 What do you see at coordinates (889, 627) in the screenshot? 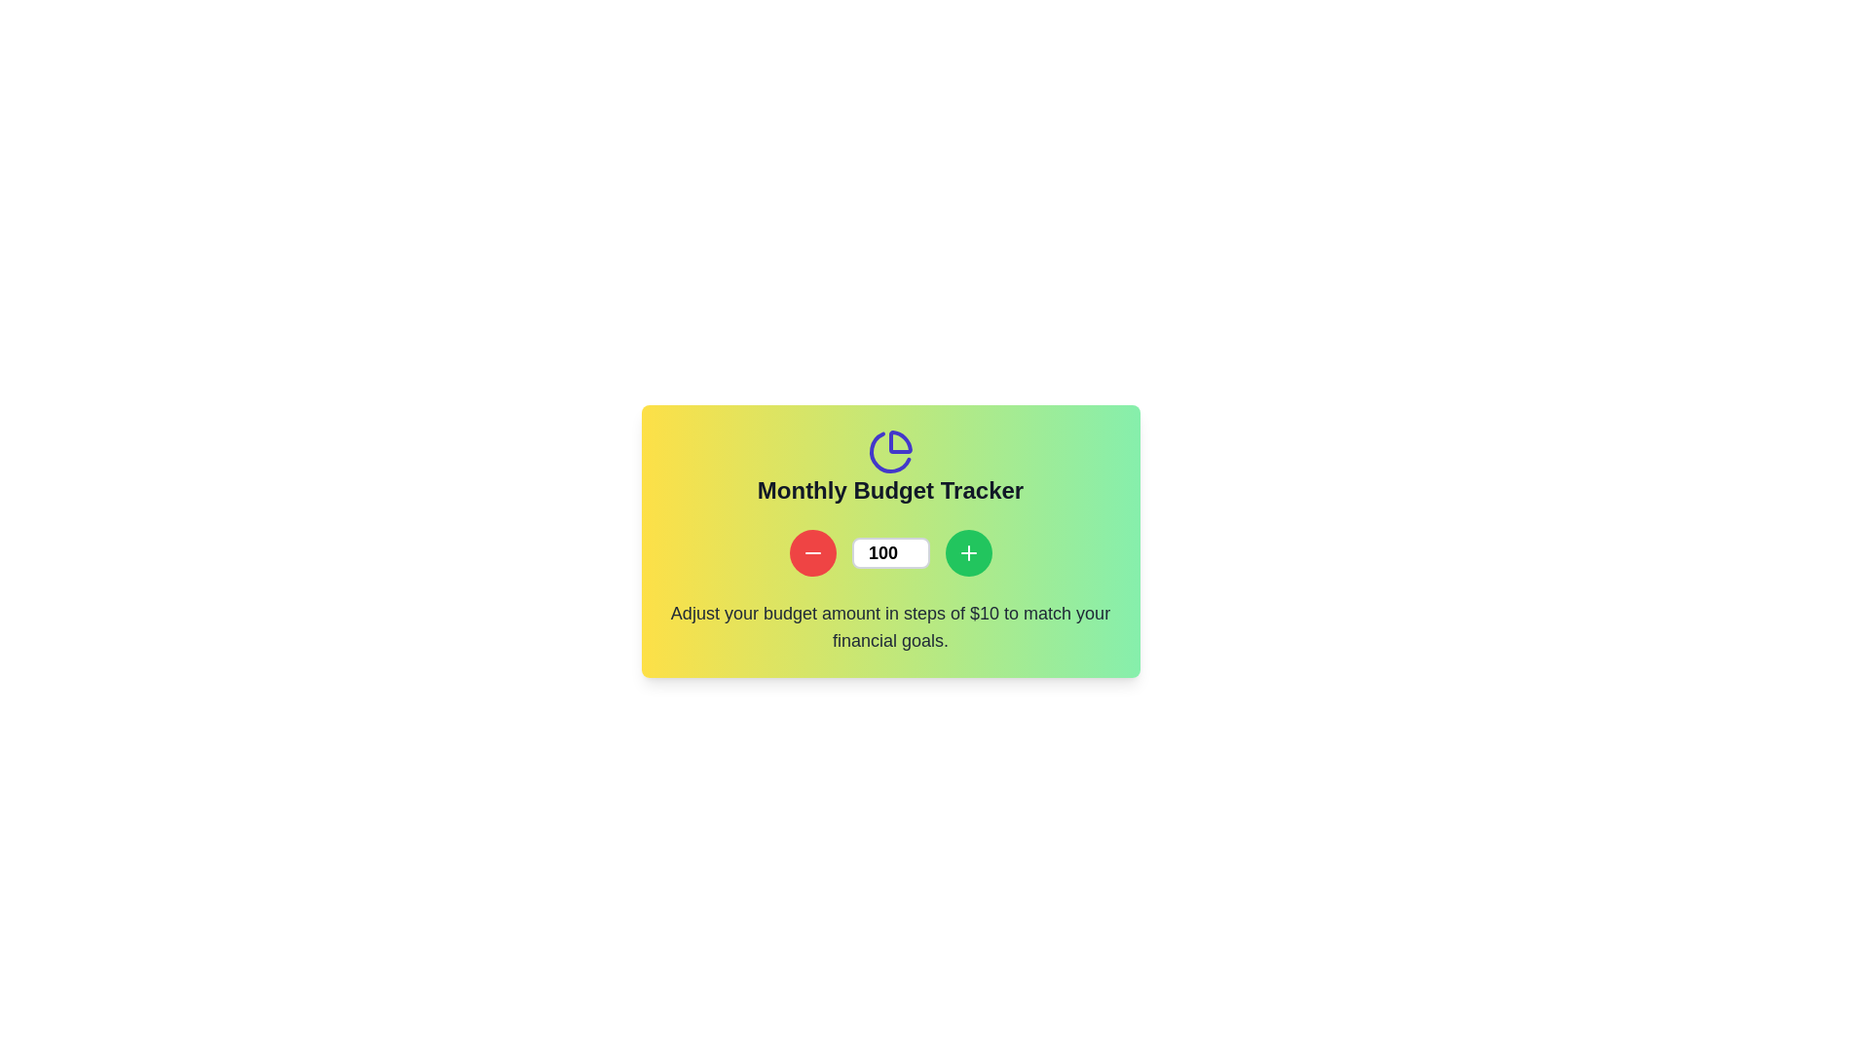
I see `the static text element that instructs 'Adjust your budget amount in steps of $10 to match your financial goals.'` at bounding box center [889, 627].